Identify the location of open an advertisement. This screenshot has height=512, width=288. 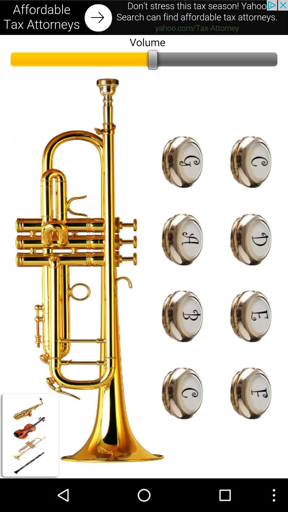
(144, 17).